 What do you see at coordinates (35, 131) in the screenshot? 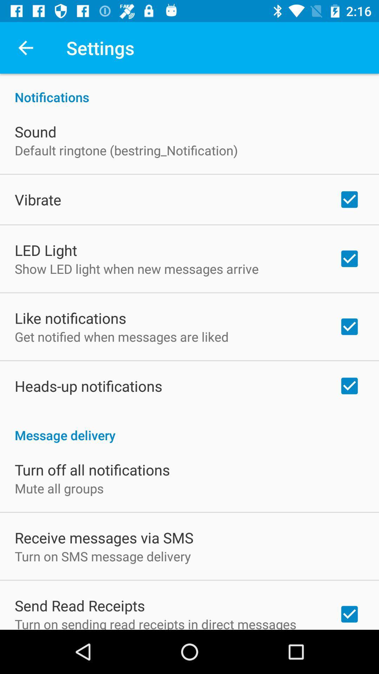
I see `icon above default ringtone (bestring_notification) item` at bounding box center [35, 131].